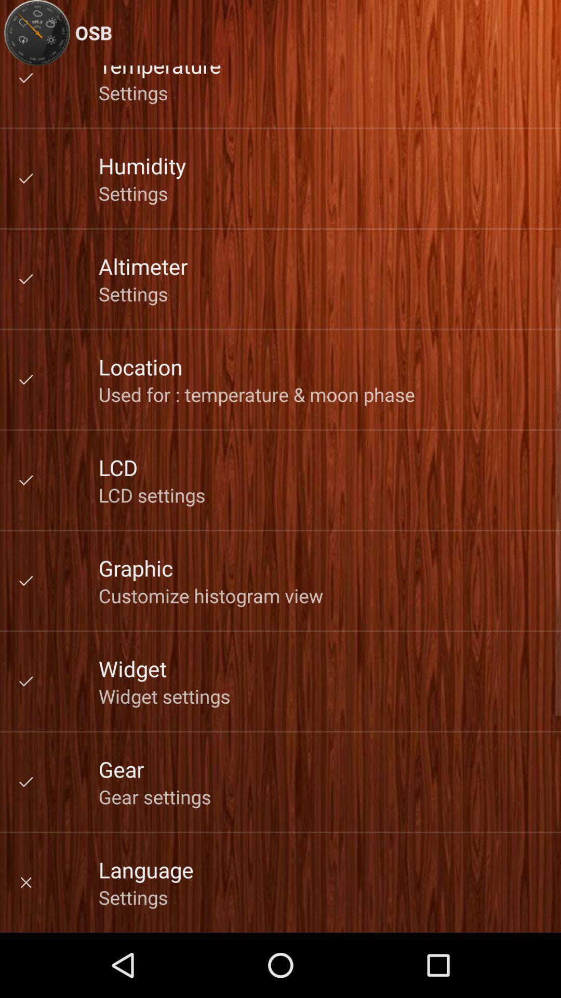  I want to click on app above settings, so click(143, 266).